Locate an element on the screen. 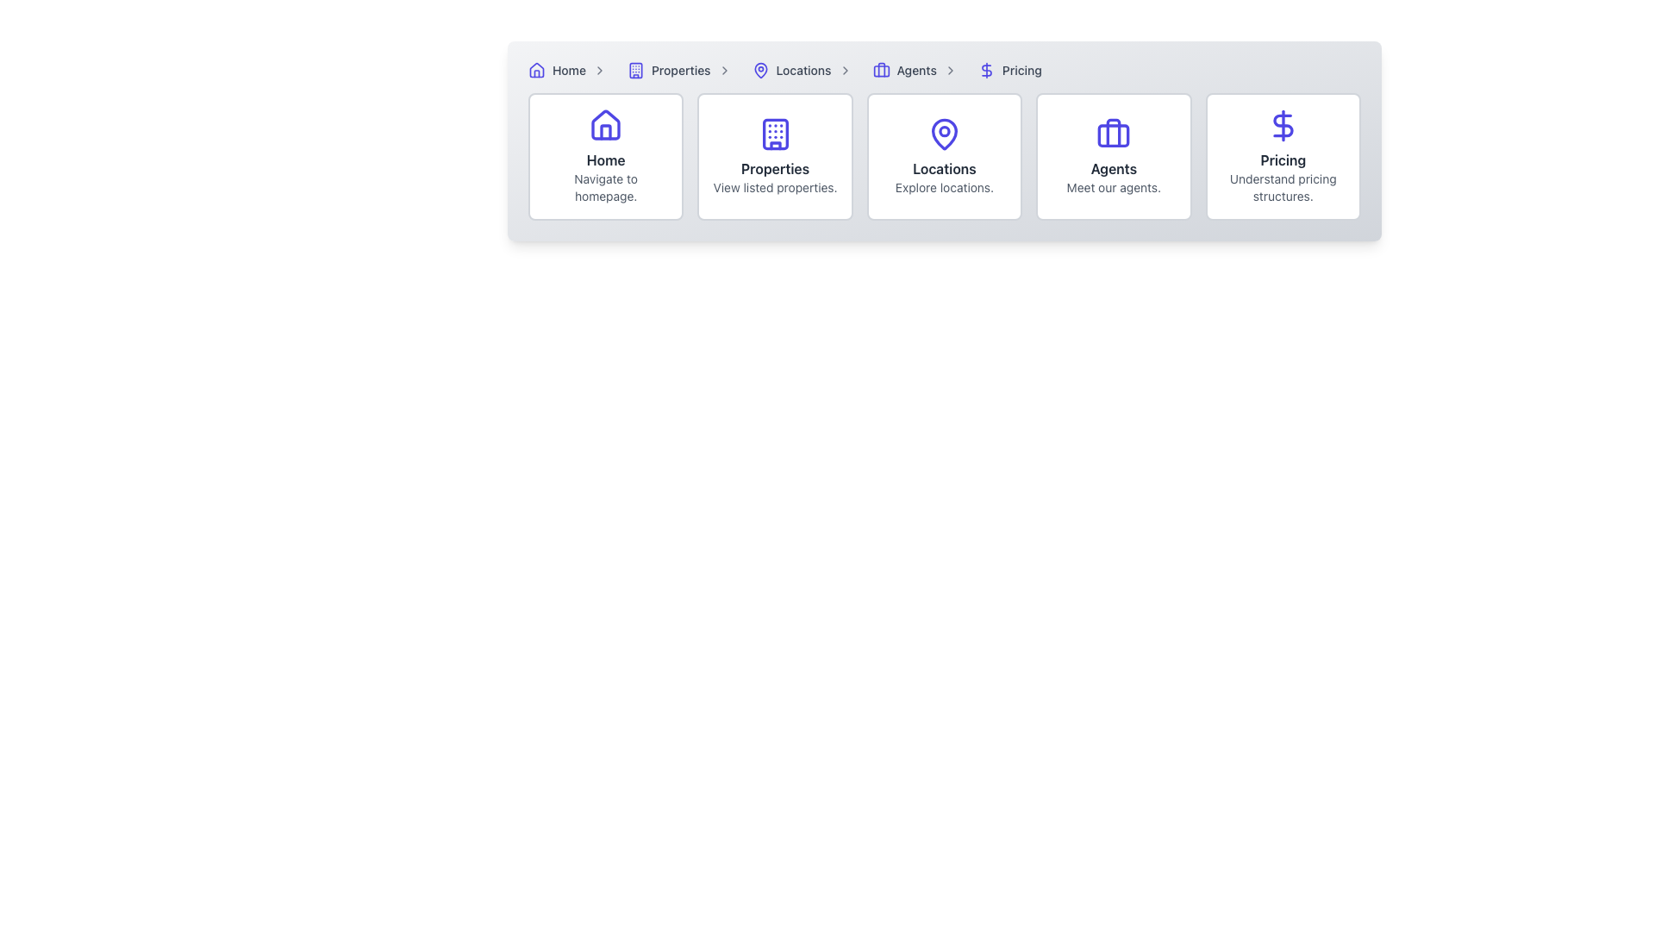 The height and width of the screenshot is (931, 1655). the fourth Clickable Card in the grid to trigger a visual effect is located at coordinates (1114, 156).